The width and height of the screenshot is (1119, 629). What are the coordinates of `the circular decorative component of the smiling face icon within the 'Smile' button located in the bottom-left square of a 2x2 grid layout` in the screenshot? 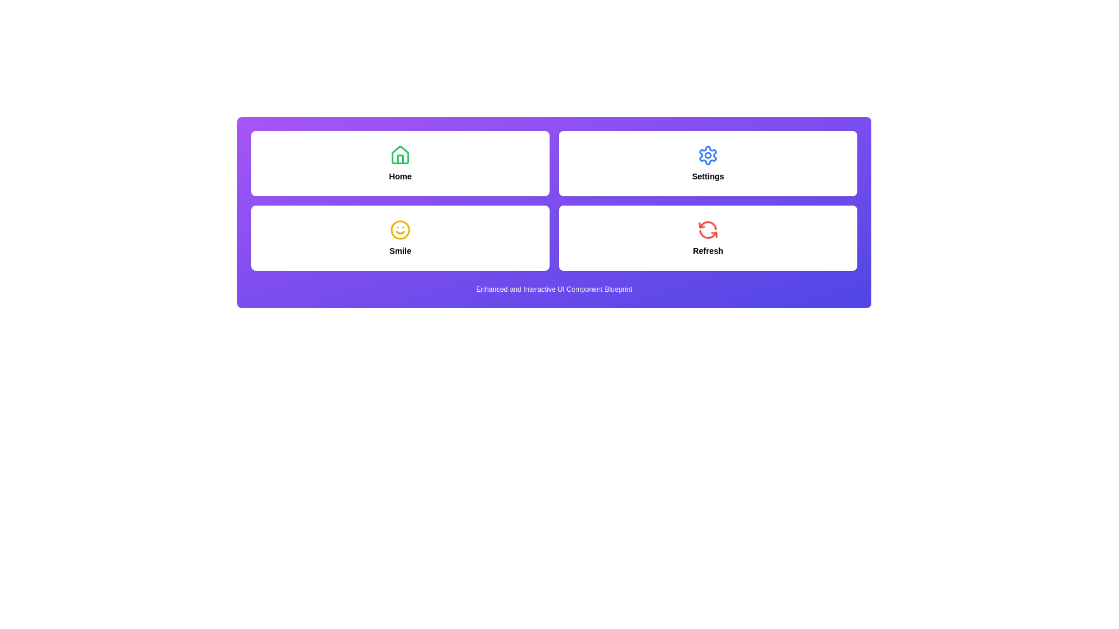 It's located at (400, 229).